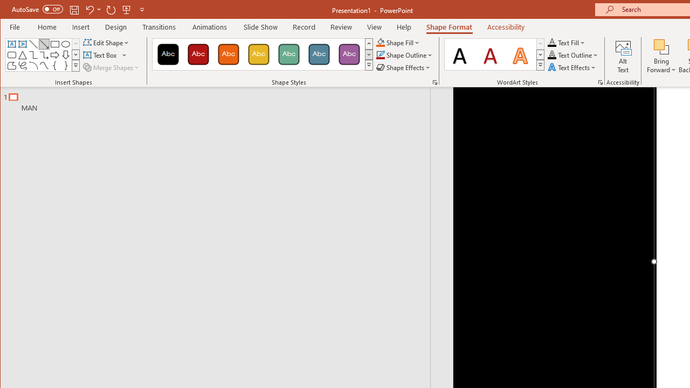 Image resolution: width=690 pixels, height=388 pixels. What do you see at coordinates (227, 54) in the screenshot?
I see `'Colored Fill - Orange, Accent 2'` at bounding box center [227, 54].